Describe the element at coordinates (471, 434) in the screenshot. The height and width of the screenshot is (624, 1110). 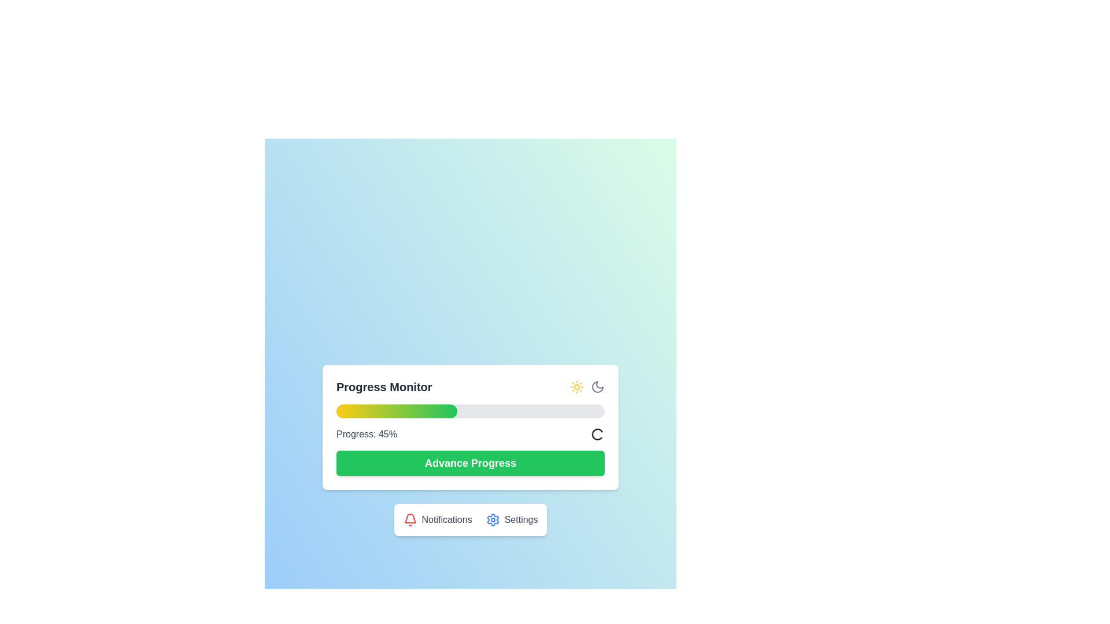
I see `the spinning circular indicator next to the text 'Progress: 45%', which is located below the progress bar and above the 'Advance Progress' button` at that location.